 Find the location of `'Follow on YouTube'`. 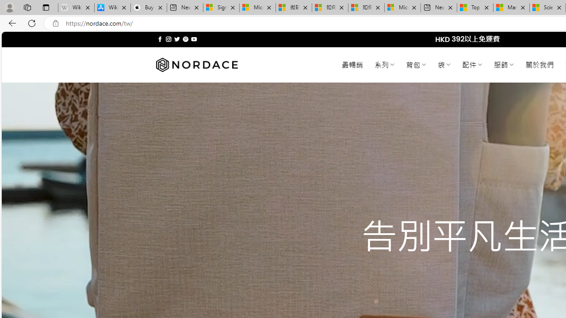

'Follow on YouTube' is located at coordinates (194, 39).